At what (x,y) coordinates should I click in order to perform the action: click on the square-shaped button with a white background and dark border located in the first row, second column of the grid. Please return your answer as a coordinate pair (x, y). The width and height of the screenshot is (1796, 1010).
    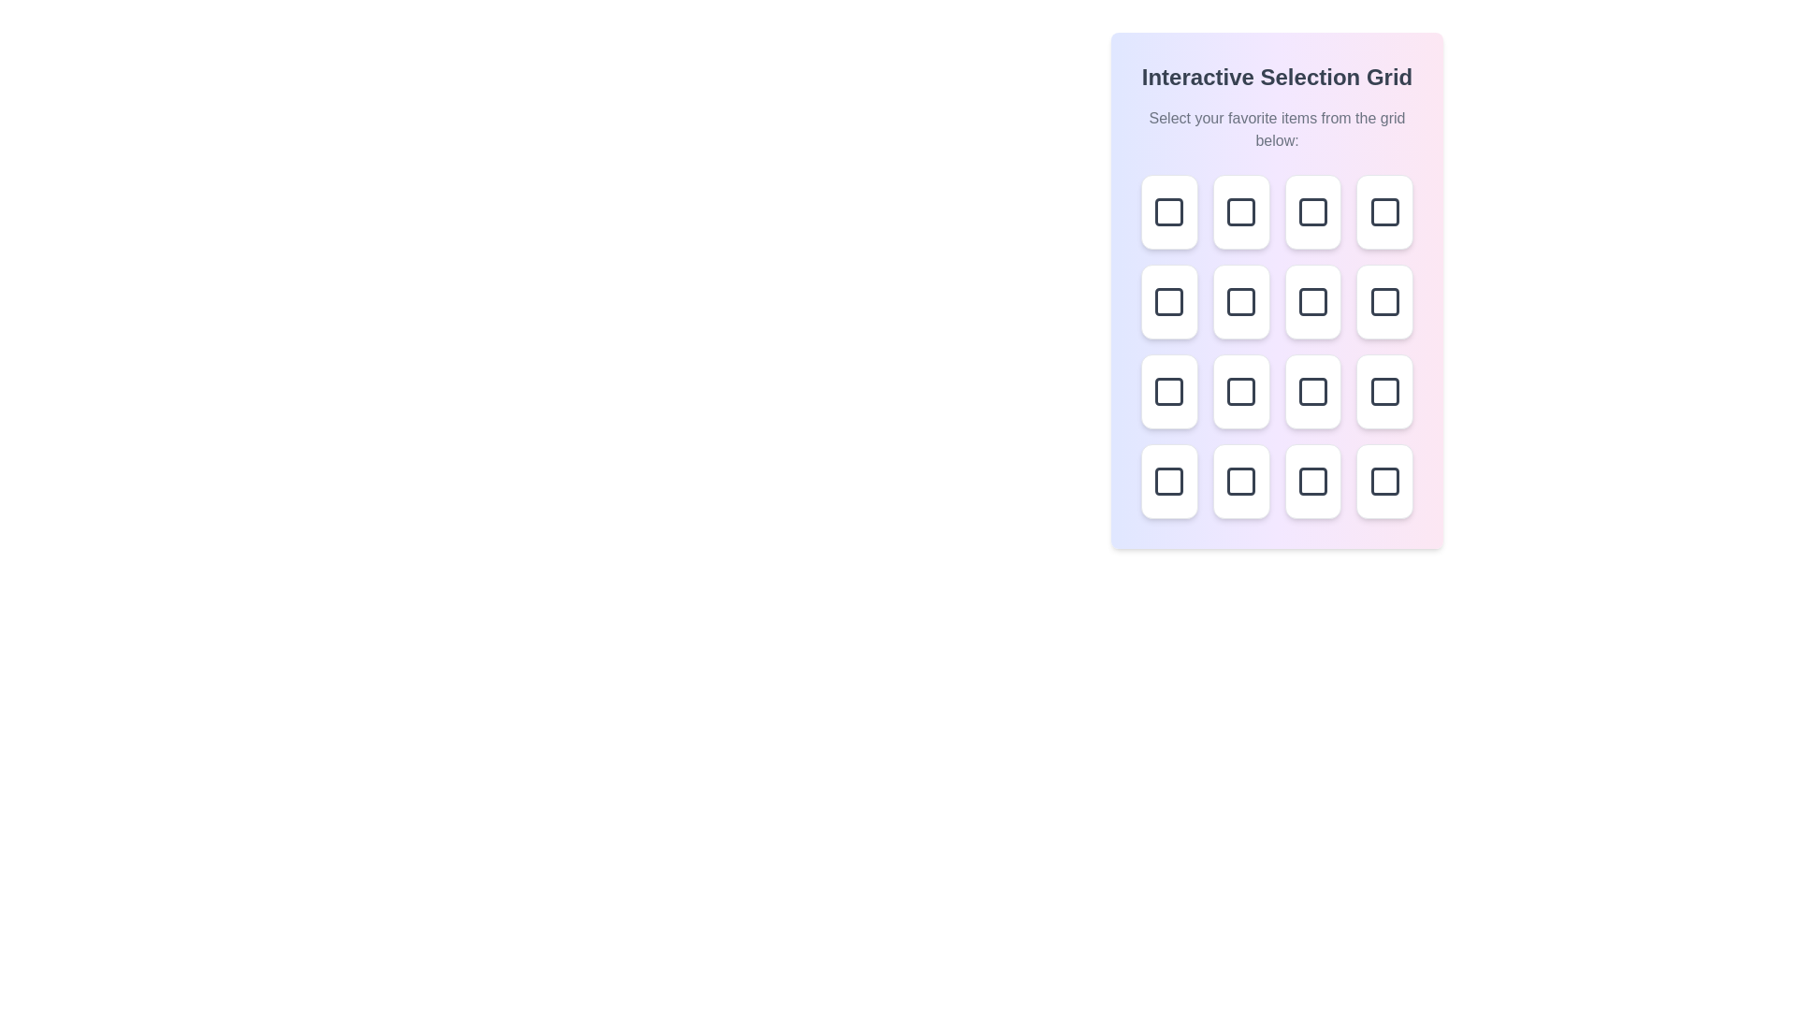
    Looking at the image, I should click on (1241, 211).